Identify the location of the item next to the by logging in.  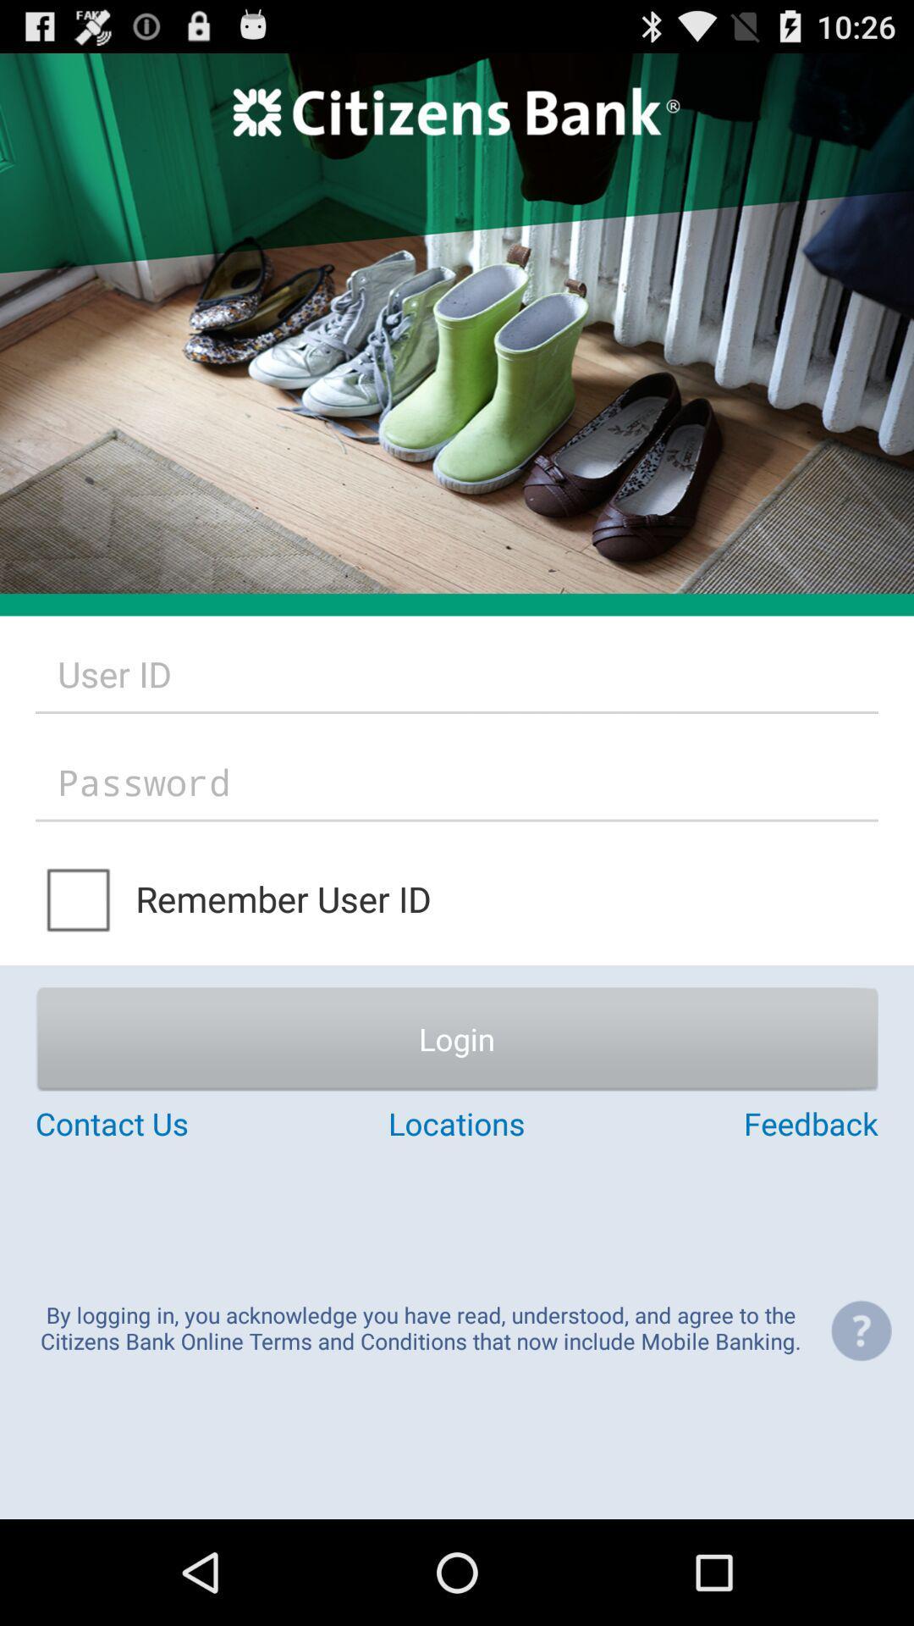
(861, 1330).